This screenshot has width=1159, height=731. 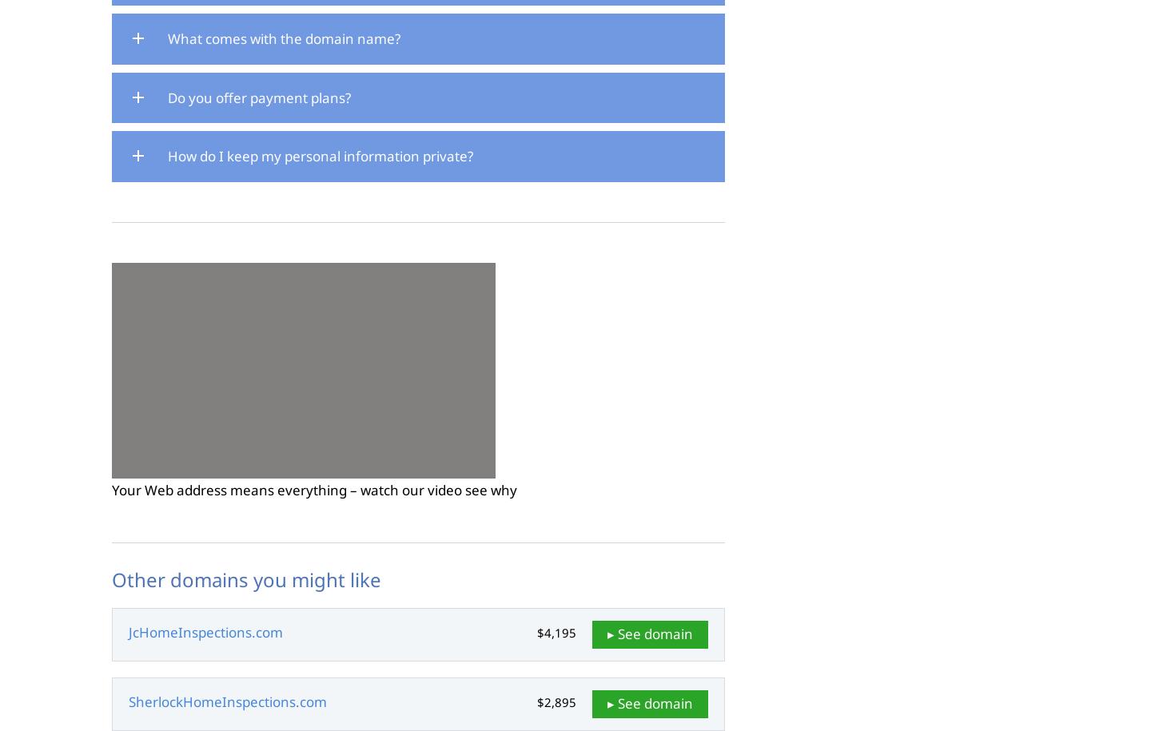 I want to click on '$4,195', so click(x=536, y=632).